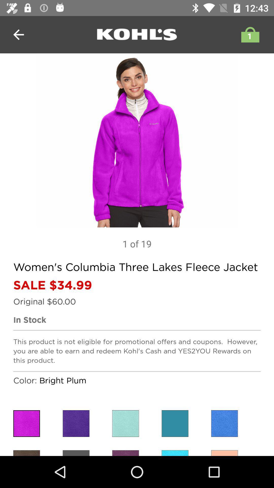 This screenshot has width=274, height=488. What do you see at coordinates (26, 453) in the screenshot?
I see `choose brown` at bounding box center [26, 453].